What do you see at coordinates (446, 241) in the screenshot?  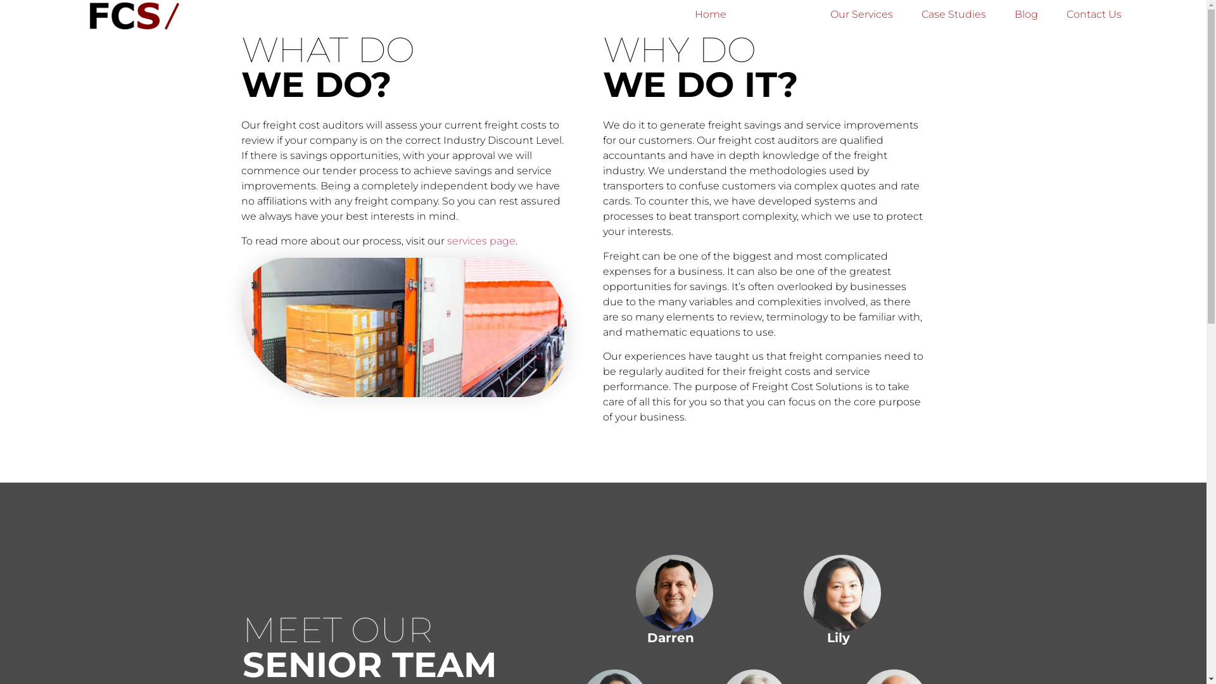 I see `'services page'` at bounding box center [446, 241].